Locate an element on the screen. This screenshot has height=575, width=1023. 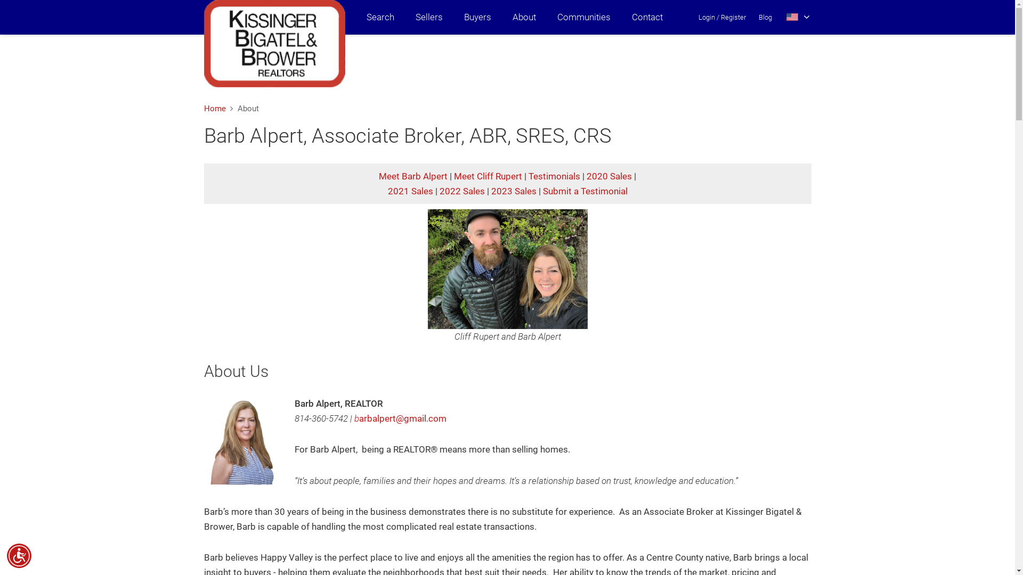
'2020 Sales' is located at coordinates (609, 176).